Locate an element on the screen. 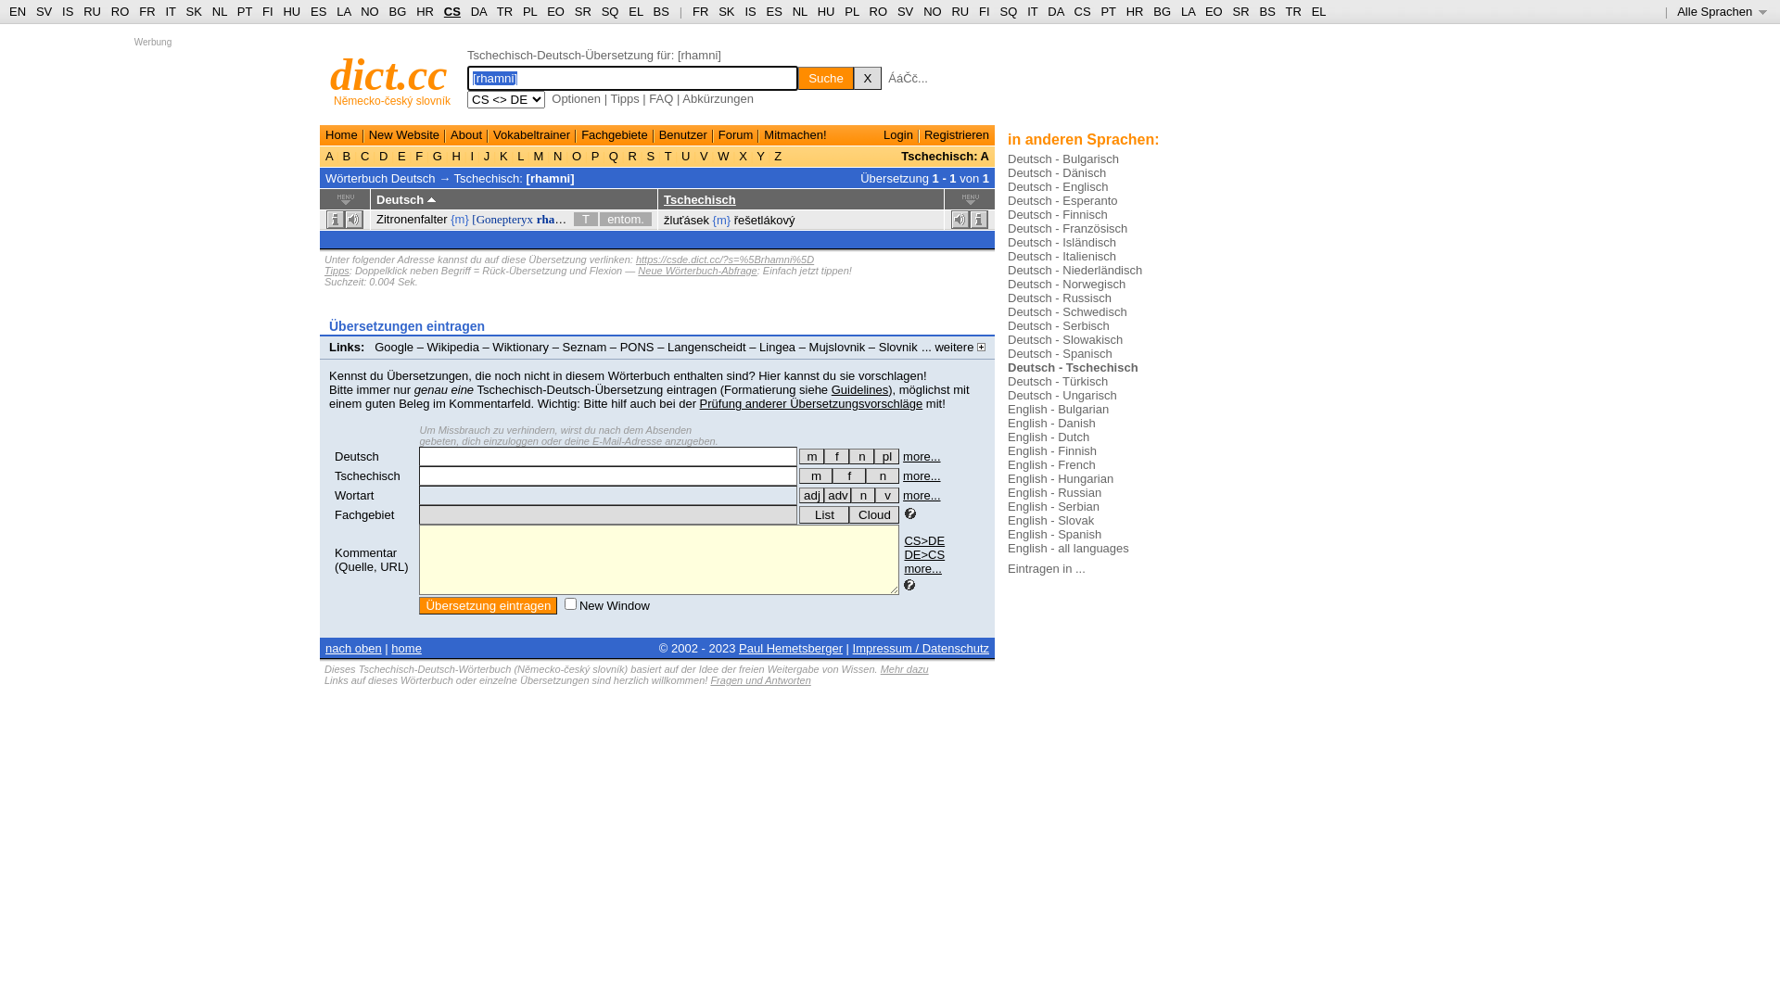 Image resolution: width=1780 pixels, height=1001 pixels. 'V' is located at coordinates (694, 155).